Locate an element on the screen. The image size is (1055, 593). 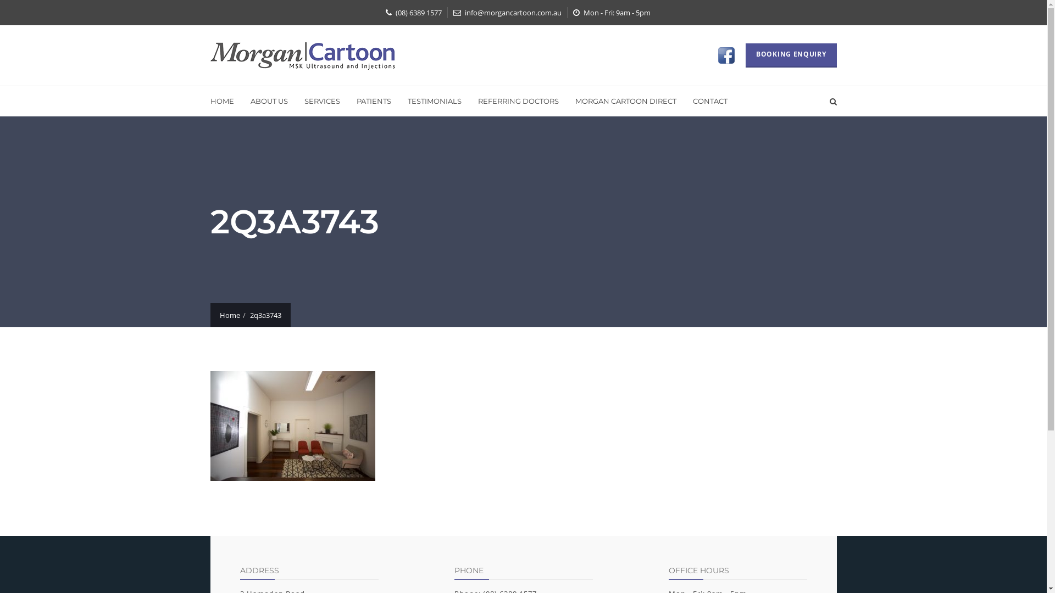
'TESTIMONIALS' is located at coordinates (434, 101).